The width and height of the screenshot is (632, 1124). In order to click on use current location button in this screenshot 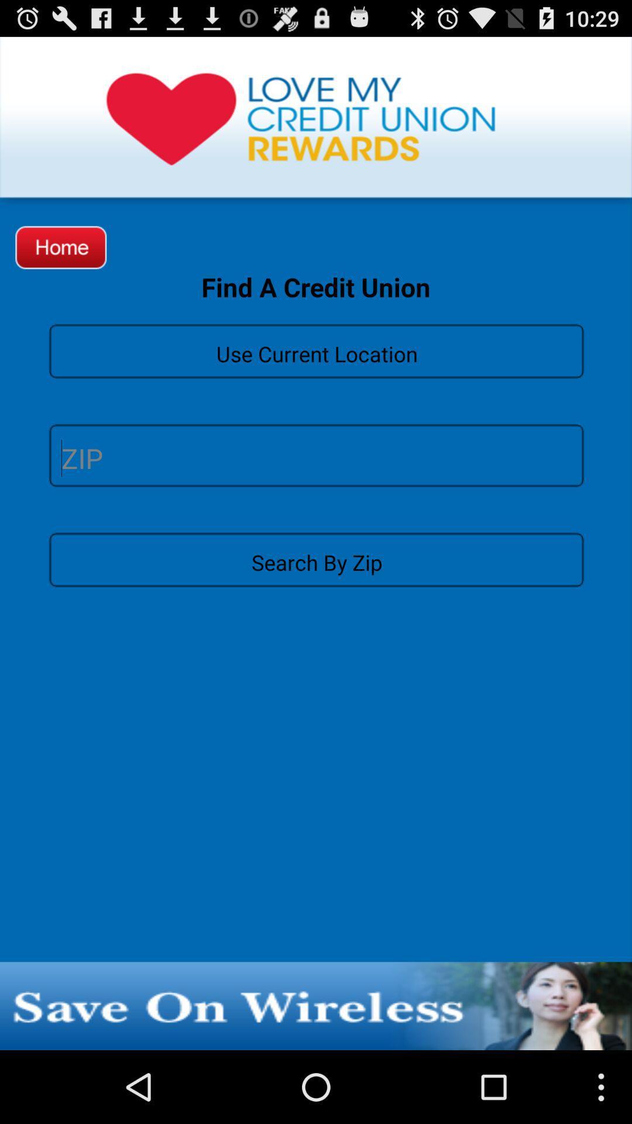, I will do `click(316, 350)`.